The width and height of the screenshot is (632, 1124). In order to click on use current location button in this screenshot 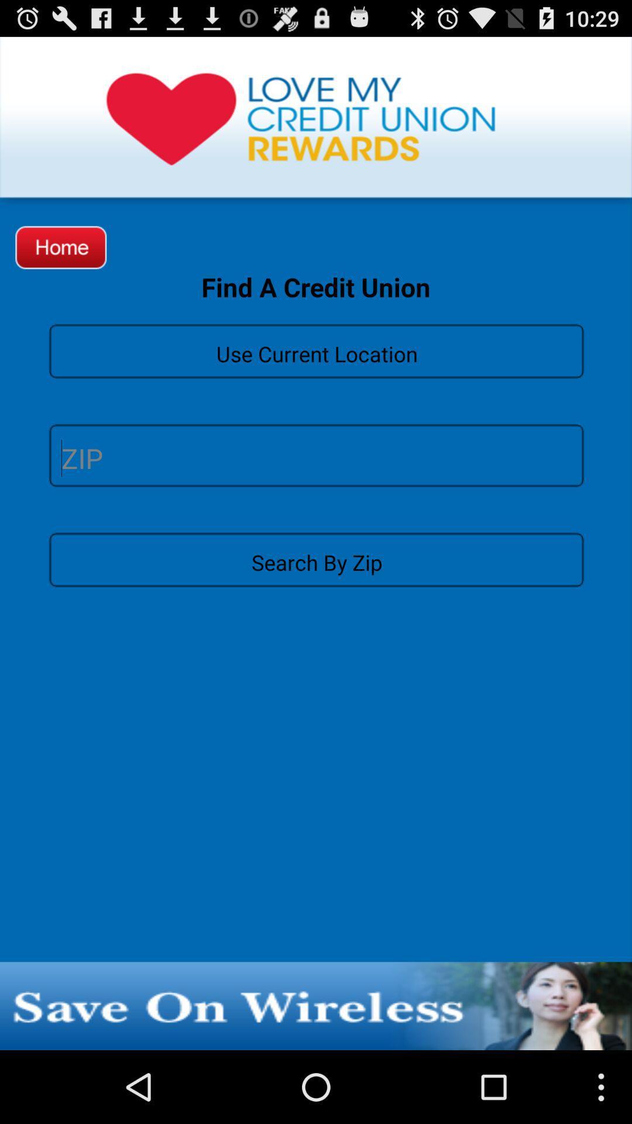, I will do `click(316, 350)`.